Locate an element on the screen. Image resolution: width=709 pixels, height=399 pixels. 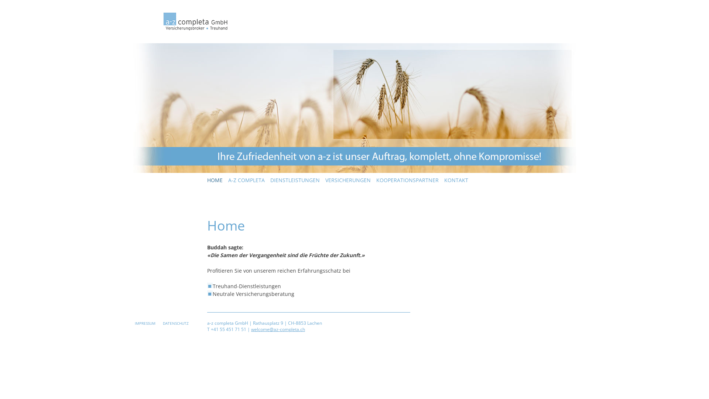
'HOME' is located at coordinates (214, 180).